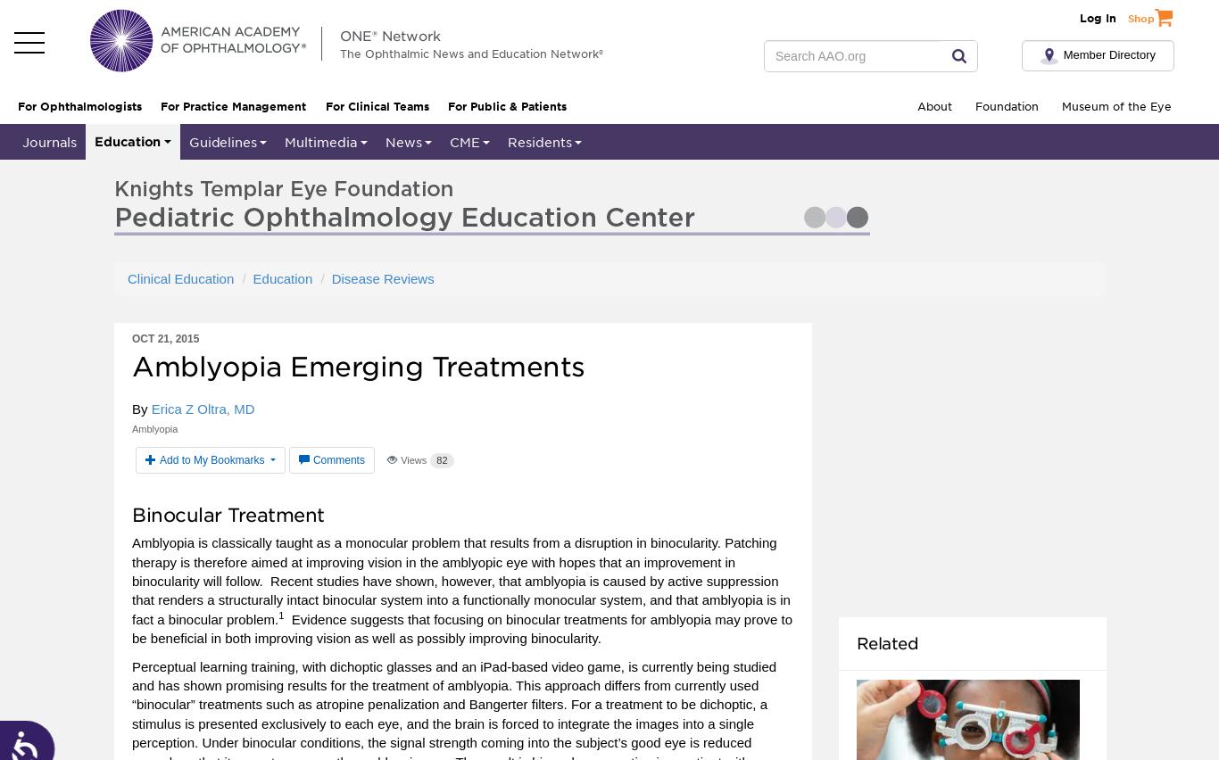 This screenshot has width=1219, height=760. What do you see at coordinates (887, 641) in the screenshot?
I see `'Related'` at bounding box center [887, 641].